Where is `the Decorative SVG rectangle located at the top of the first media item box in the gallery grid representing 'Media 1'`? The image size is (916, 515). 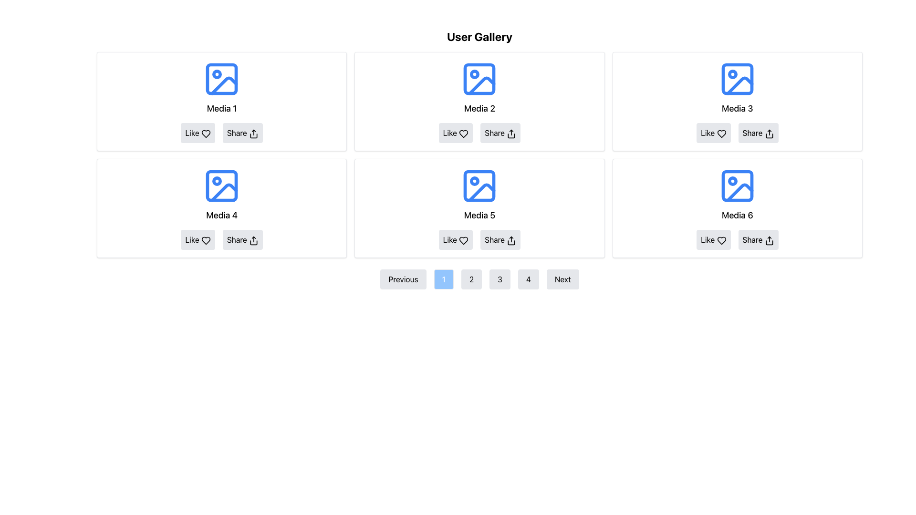 the Decorative SVG rectangle located at the top of the first media item box in the gallery grid representing 'Media 1' is located at coordinates (221, 78).